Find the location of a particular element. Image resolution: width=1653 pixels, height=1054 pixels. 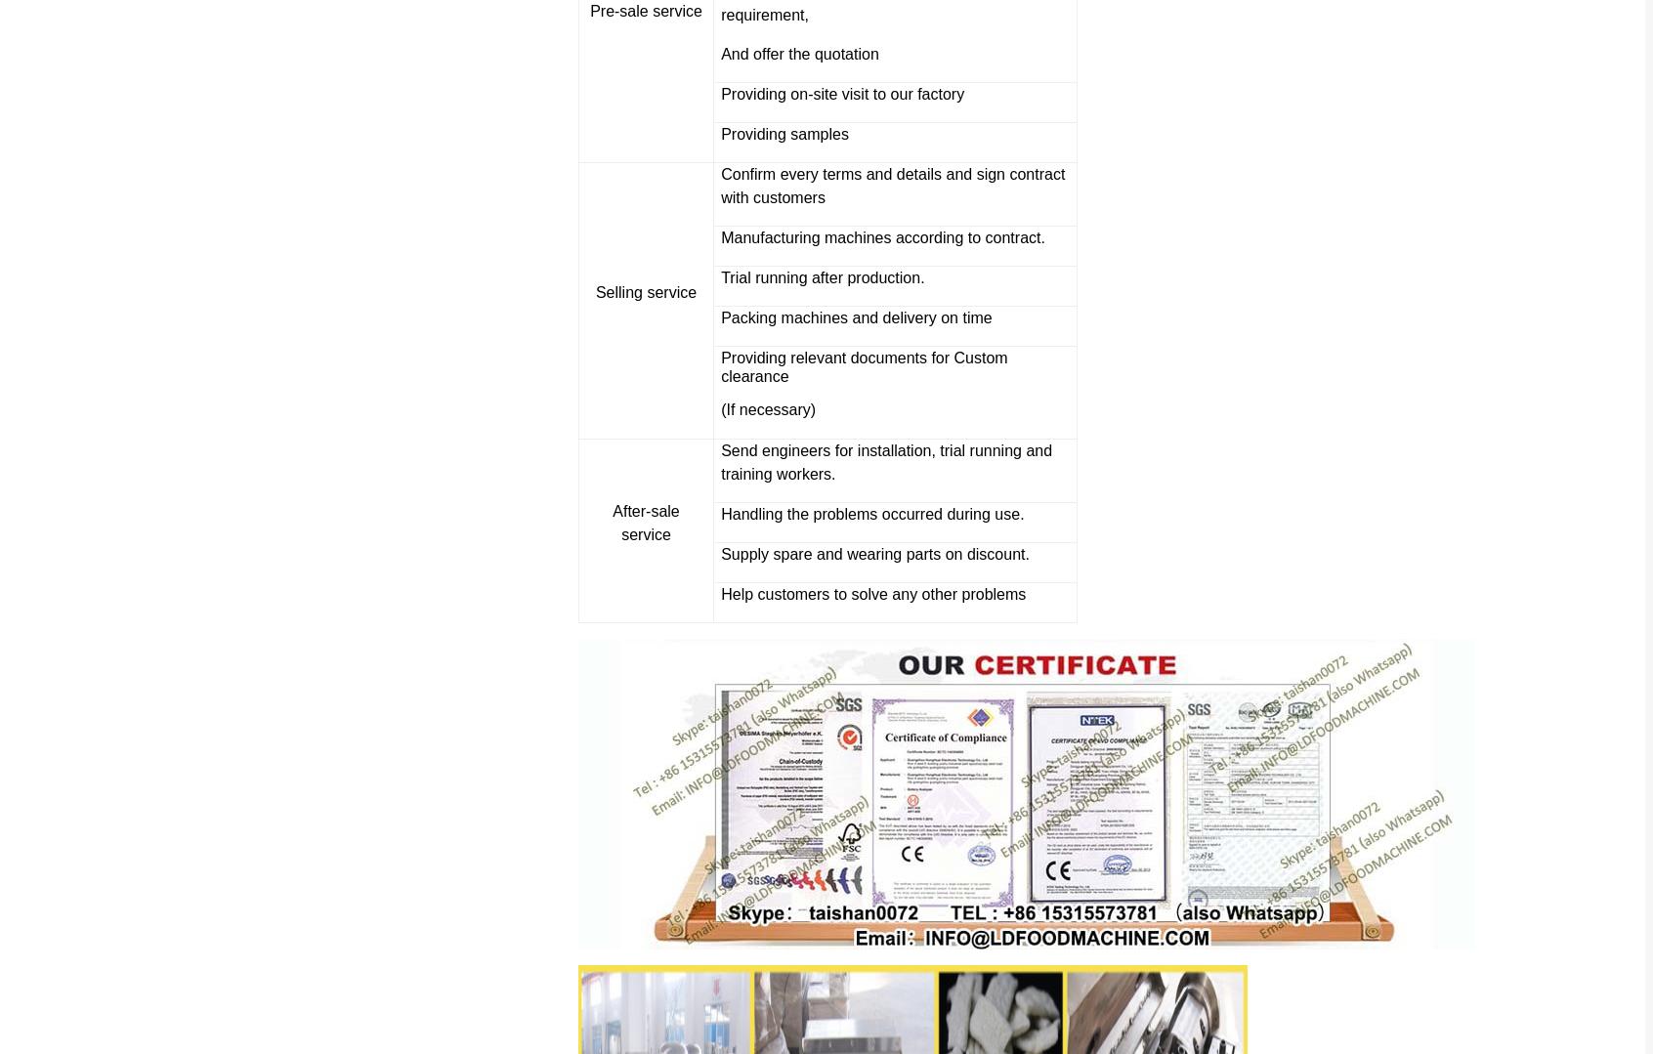

'After-sale service' is located at coordinates (646, 522).